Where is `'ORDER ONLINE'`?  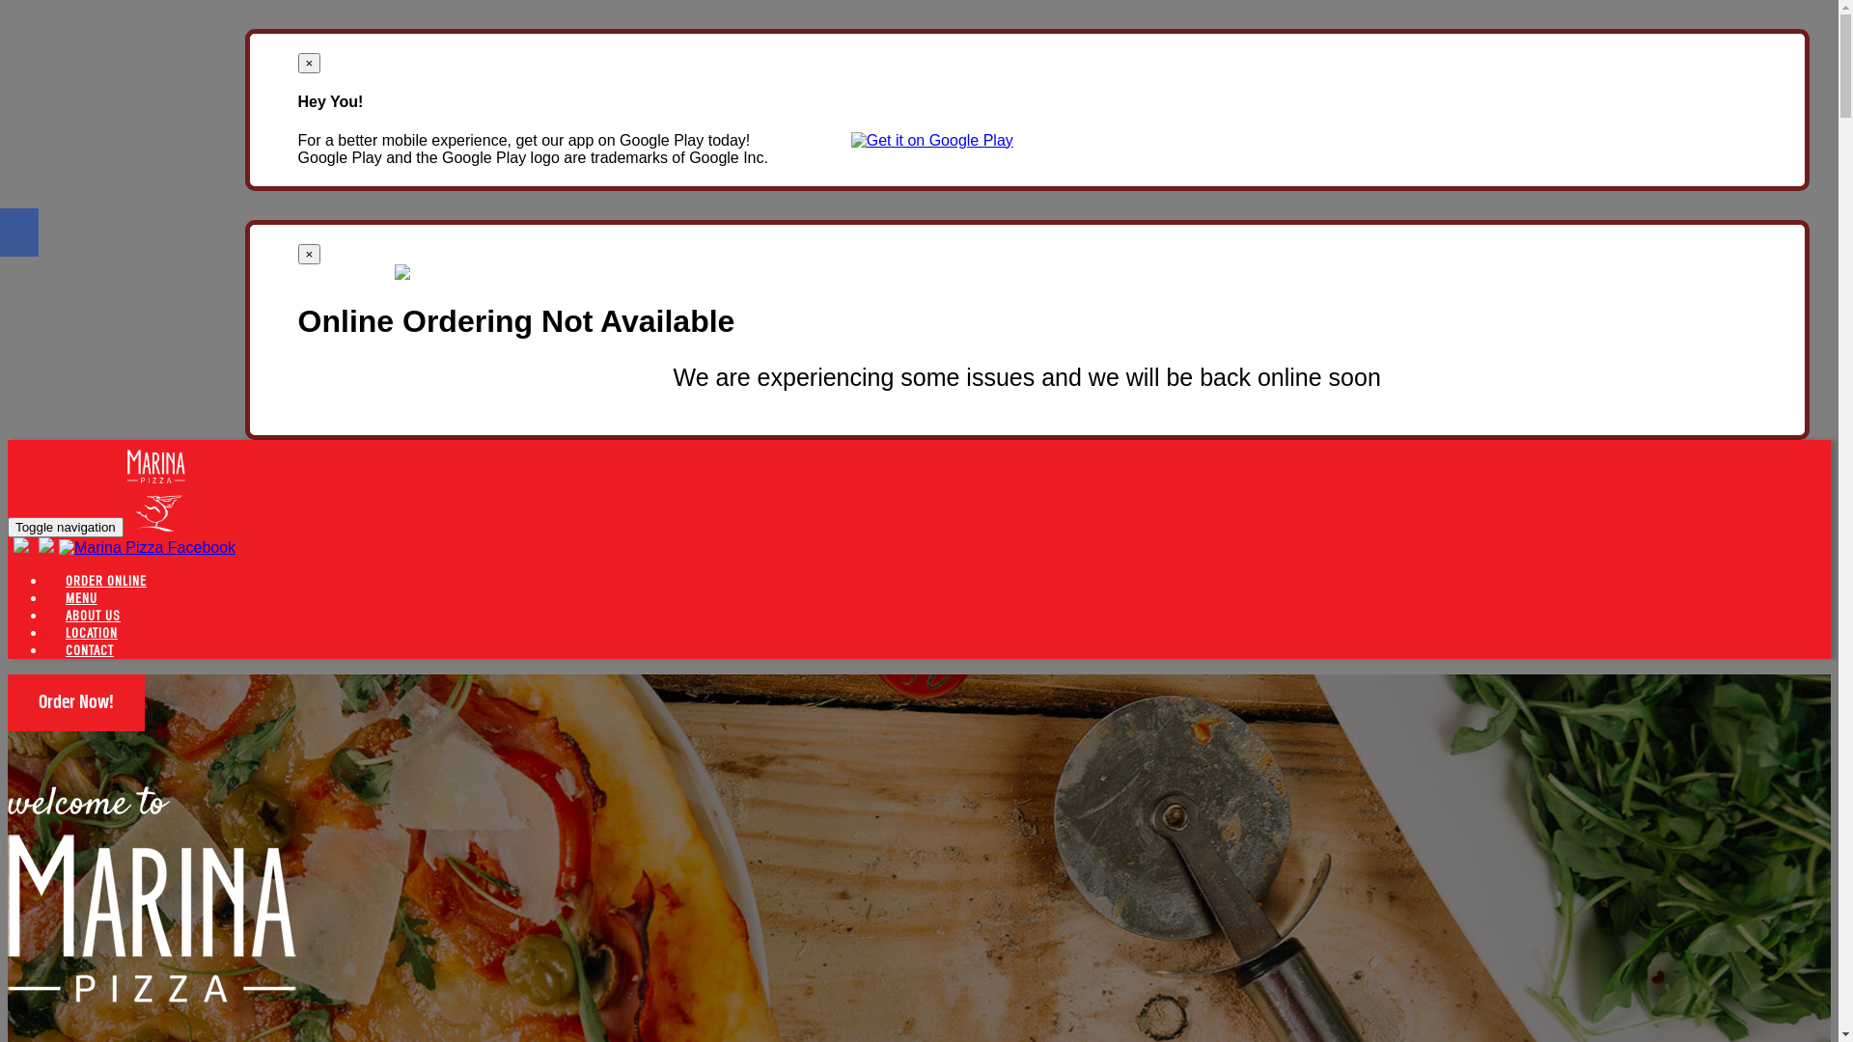 'ORDER ONLINE' is located at coordinates (105, 579).